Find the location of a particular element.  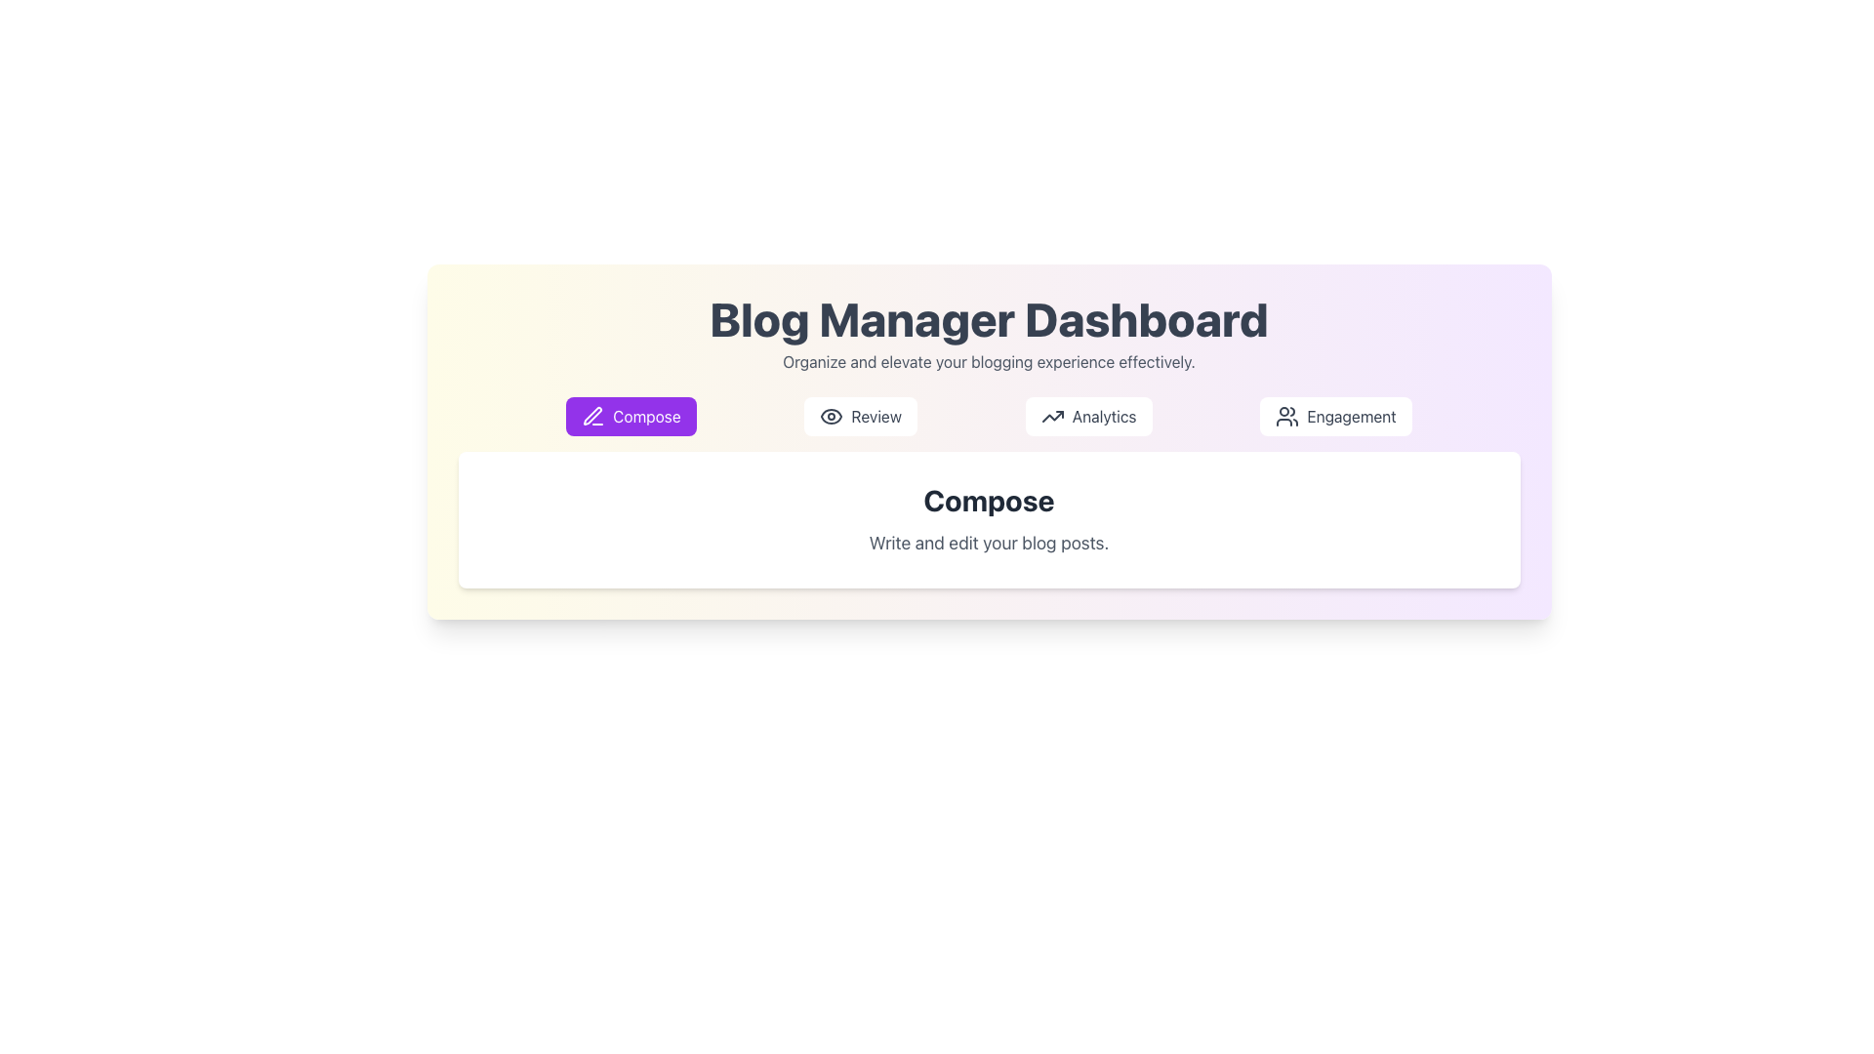

the button containing the 'Compose' label, which has a purple background and rounded corners is located at coordinates (646, 416).